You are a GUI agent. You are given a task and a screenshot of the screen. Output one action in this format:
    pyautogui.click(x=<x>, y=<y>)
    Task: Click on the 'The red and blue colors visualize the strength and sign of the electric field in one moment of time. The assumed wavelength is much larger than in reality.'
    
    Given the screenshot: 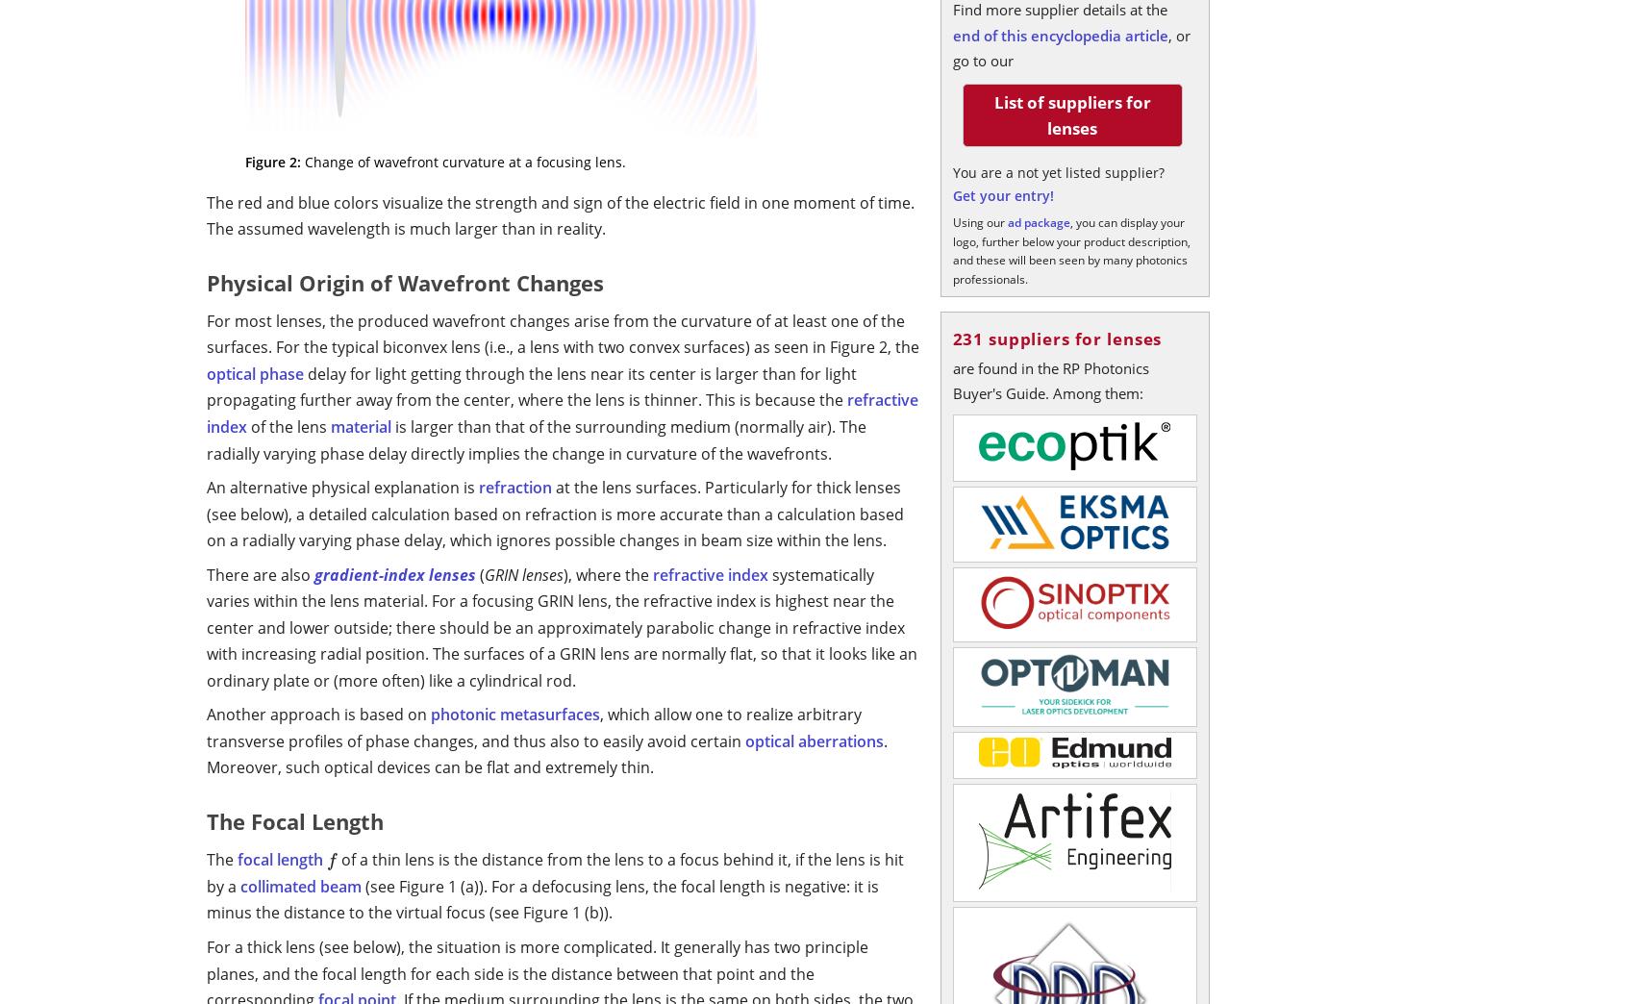 What is the action you would take?
    pyautogui.click(x=561, y=215)
    